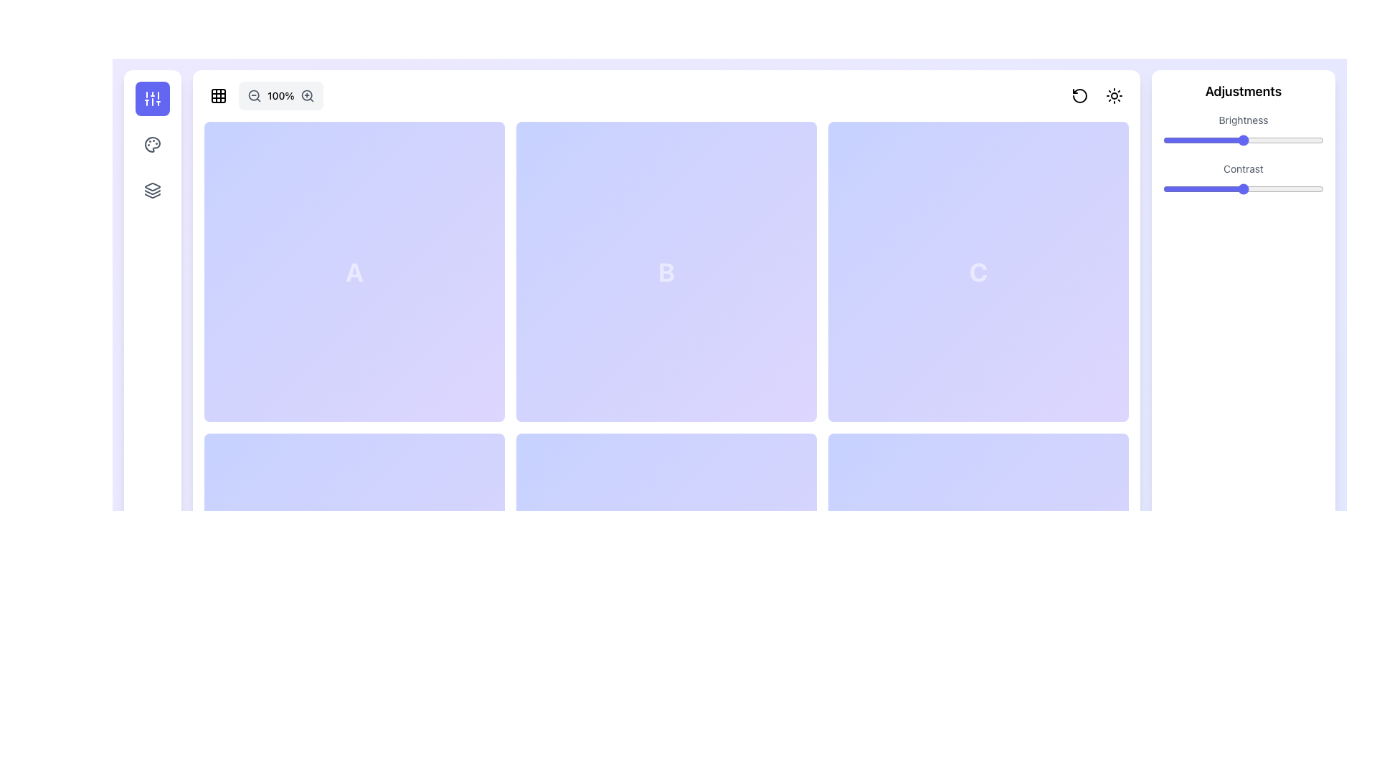 This screenshot has width=1377, height=774. What do you see at coordinates (152, 190) in the screenshot?
I see `the icon with three stacked layers in the left sidebar of the application` at bounding box center [152, 190].